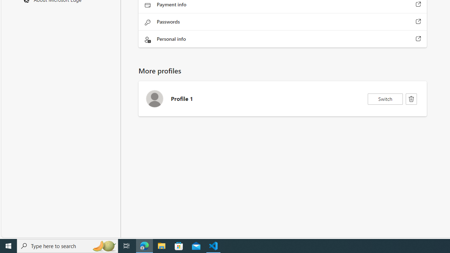 The width and height of the screenshot is (450, 253). Describe the element at coordinates (385, 99) in the screenshot. I see `'Switch'` at that location.